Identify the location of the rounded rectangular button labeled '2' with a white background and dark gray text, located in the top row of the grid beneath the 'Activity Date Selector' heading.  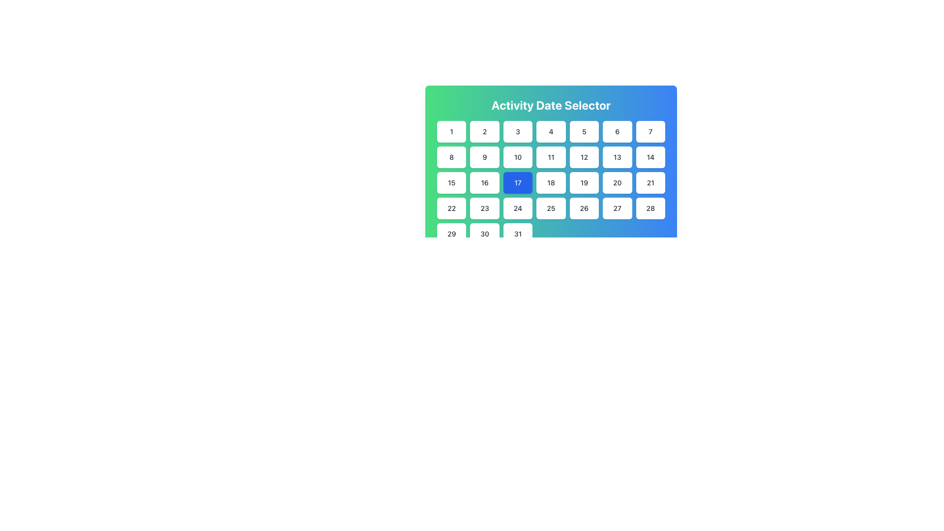
(485, 131).